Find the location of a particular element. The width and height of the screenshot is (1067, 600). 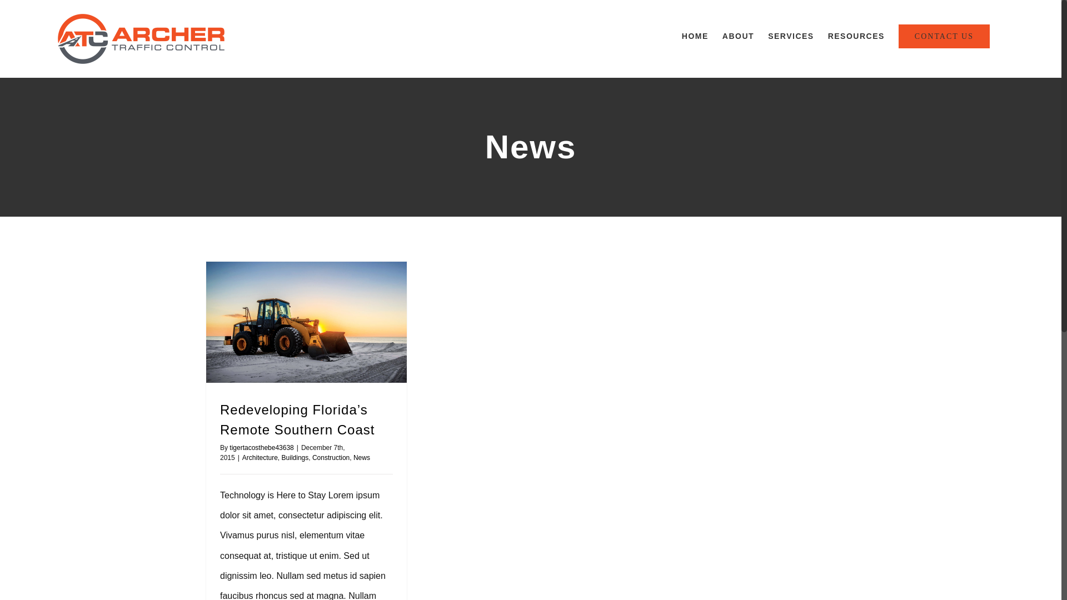

'ABOUT' is located at coordinates (738, 36).